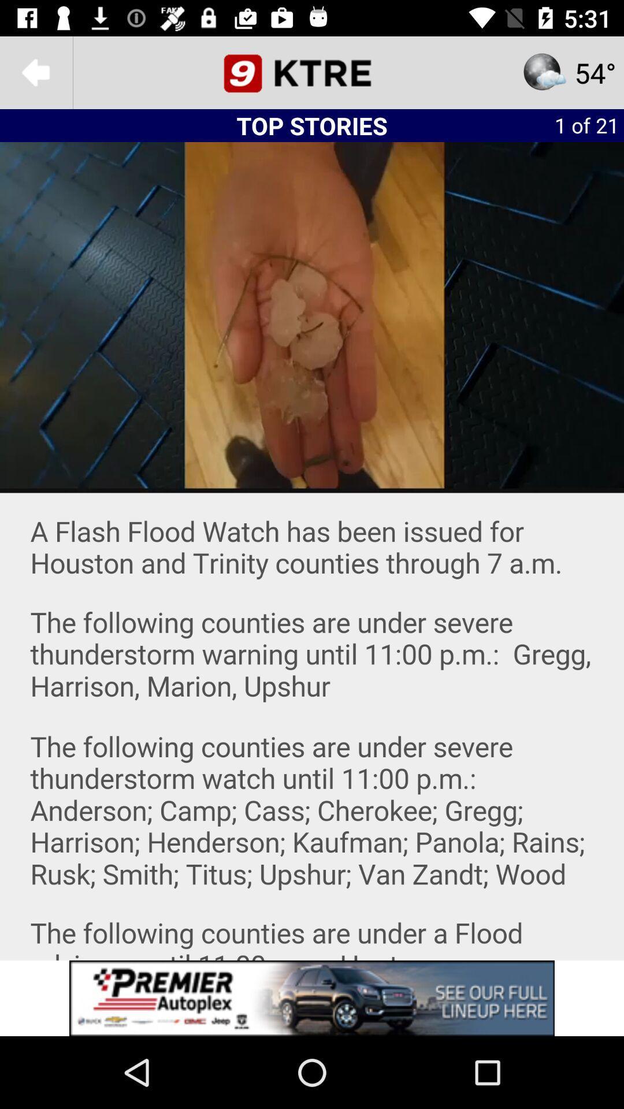  I want to click on screen page, so click(312, 998).